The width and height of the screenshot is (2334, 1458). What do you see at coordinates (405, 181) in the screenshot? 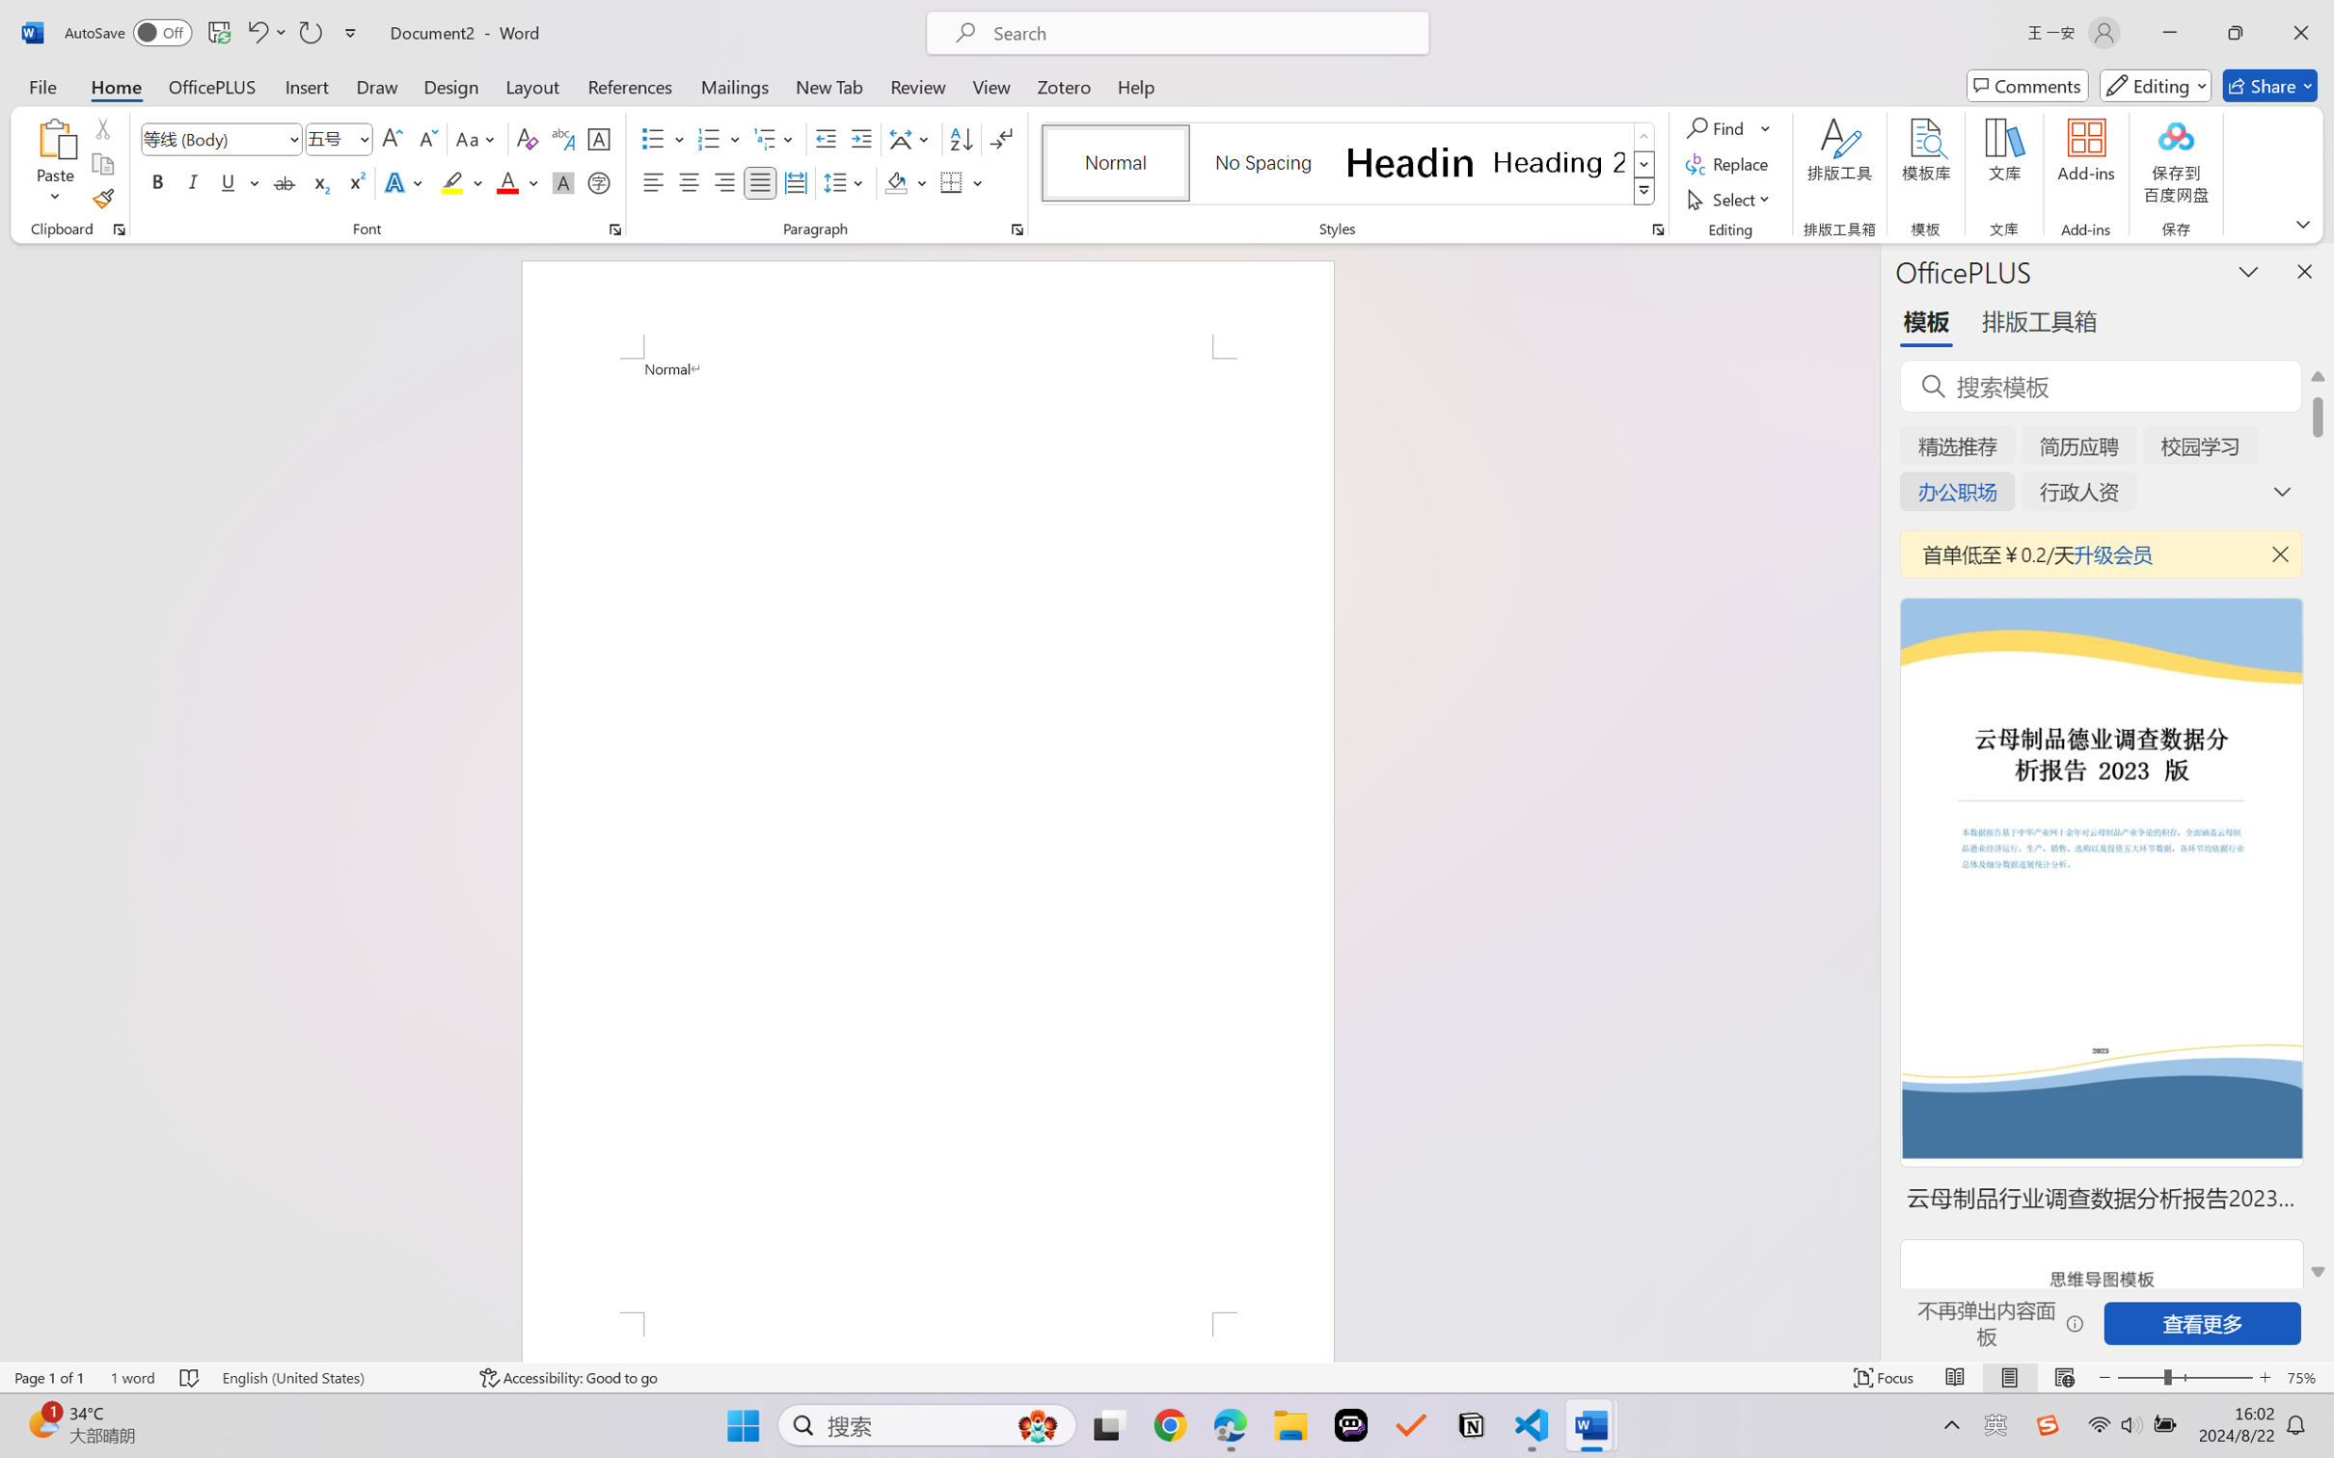
I see `'Text Effects and Typography'` at bounding box center [405, 181].